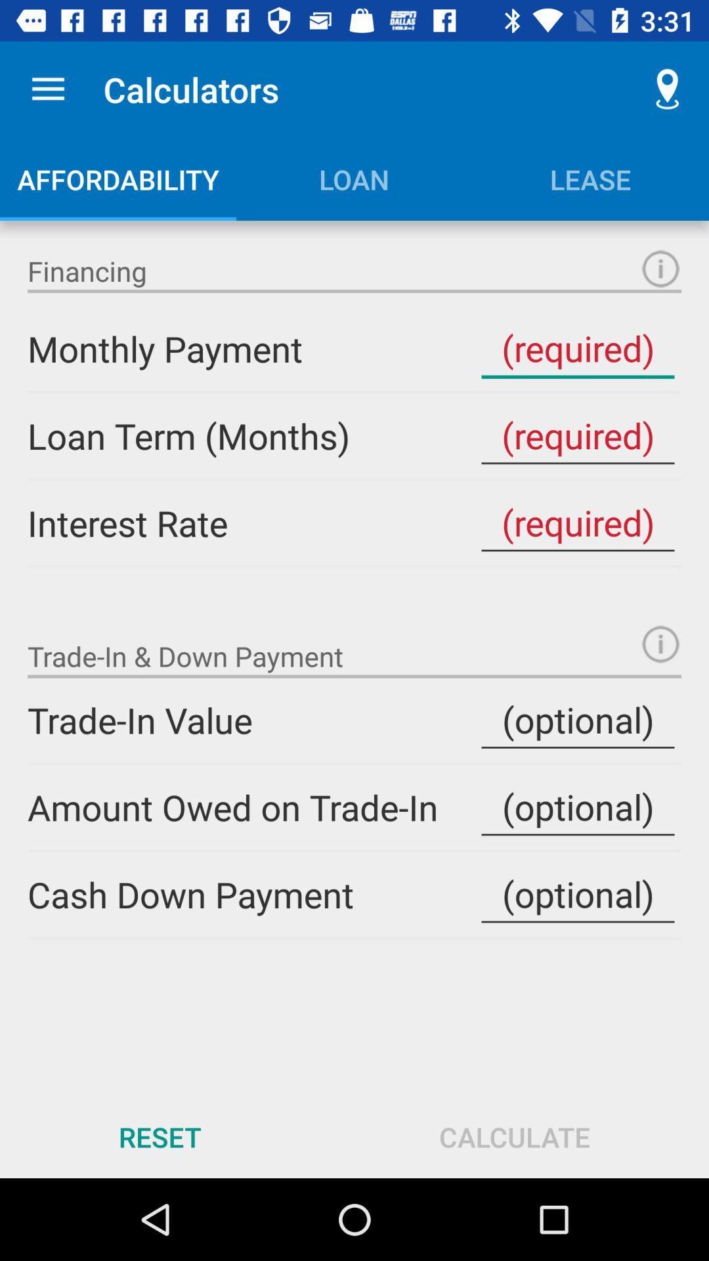 The image size is (709, 1261). Describe the element at coordinates (577, 807) in the screenshot. I see `amount owed on trade-in` at that location.